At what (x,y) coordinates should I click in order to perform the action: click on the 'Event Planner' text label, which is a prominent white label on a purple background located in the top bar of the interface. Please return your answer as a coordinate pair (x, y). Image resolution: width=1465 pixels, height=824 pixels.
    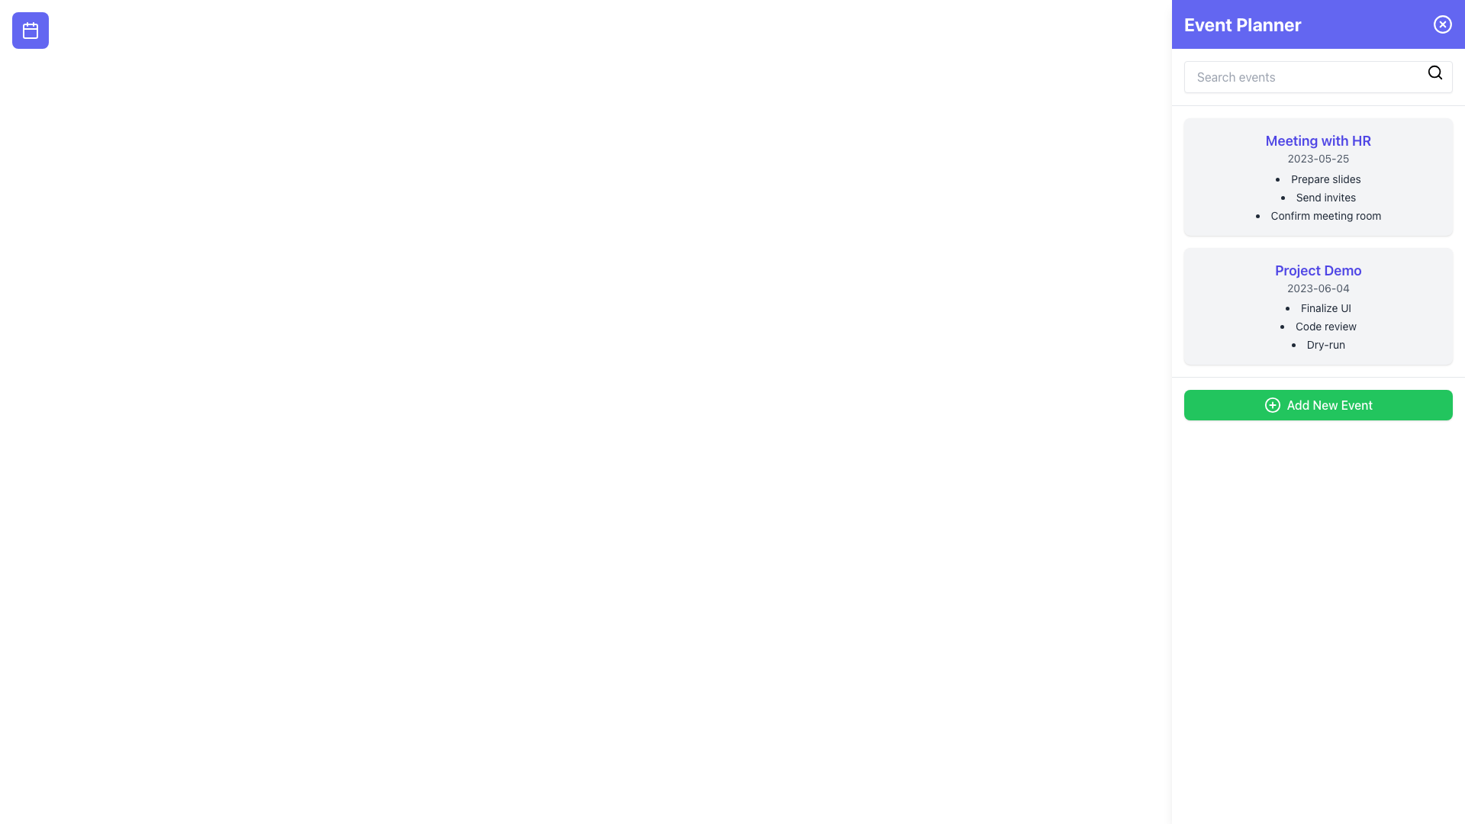
    Looking at the image, I should click on (1242, 24).